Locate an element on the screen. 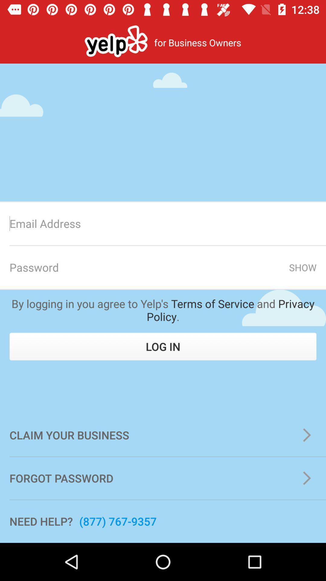 The image size is (326, 581). the by logging in item is located at coordinates (163, 310).